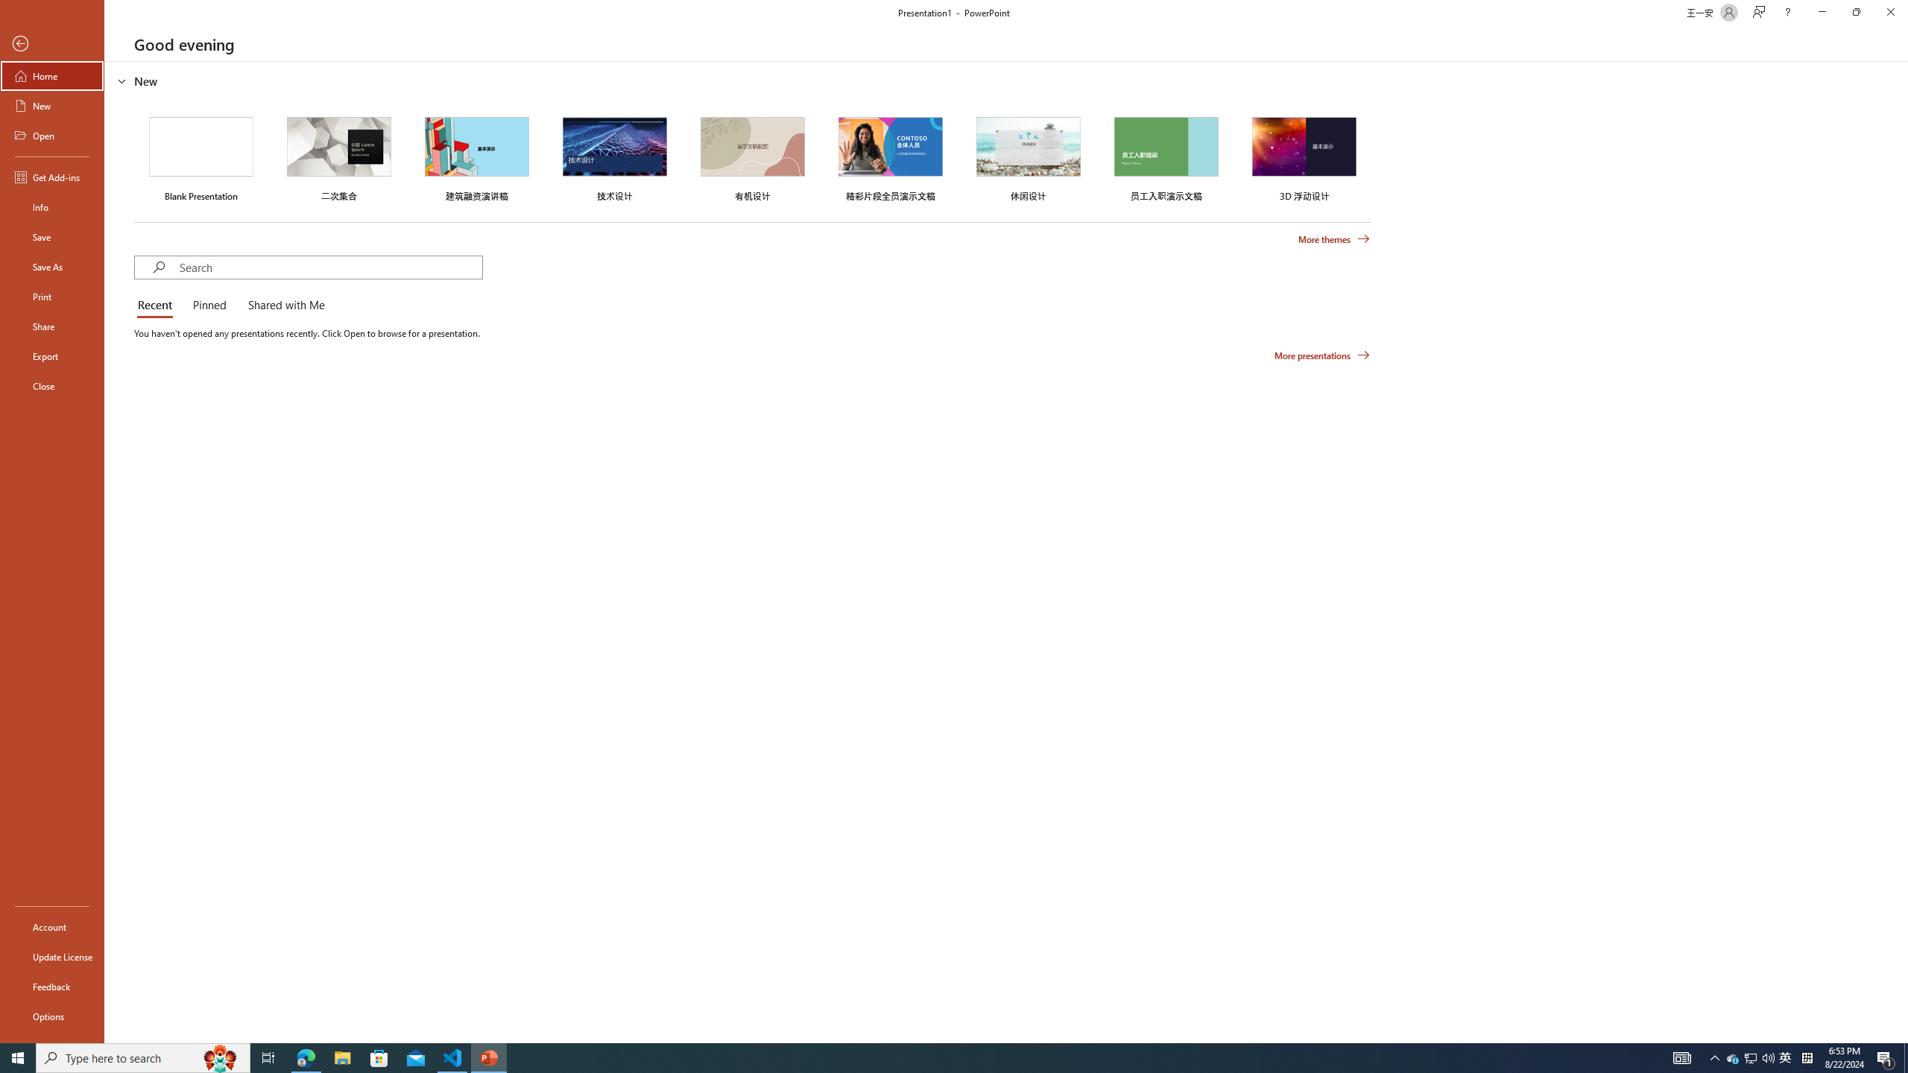  What do you see at coordinates (51, 105) in the screenshot?
I see `'New'` at bounding box center [51, 105].